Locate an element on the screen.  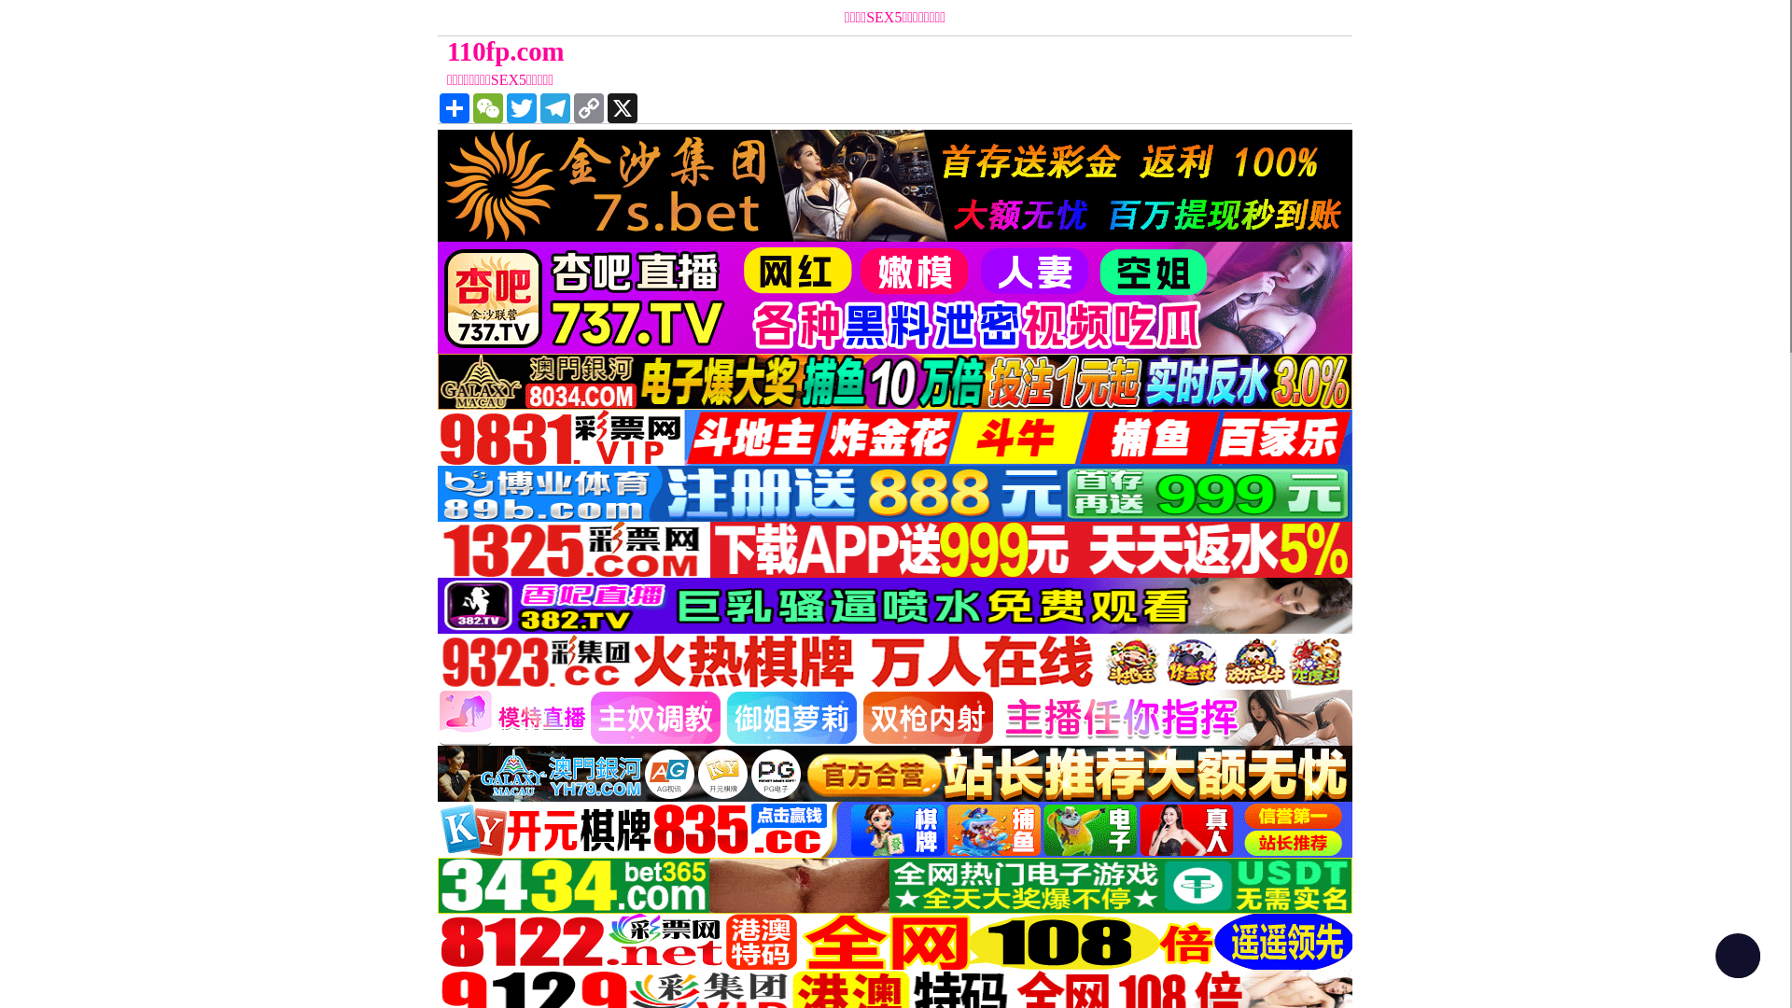
'110fp.com' is located at coordinates (437, 50).